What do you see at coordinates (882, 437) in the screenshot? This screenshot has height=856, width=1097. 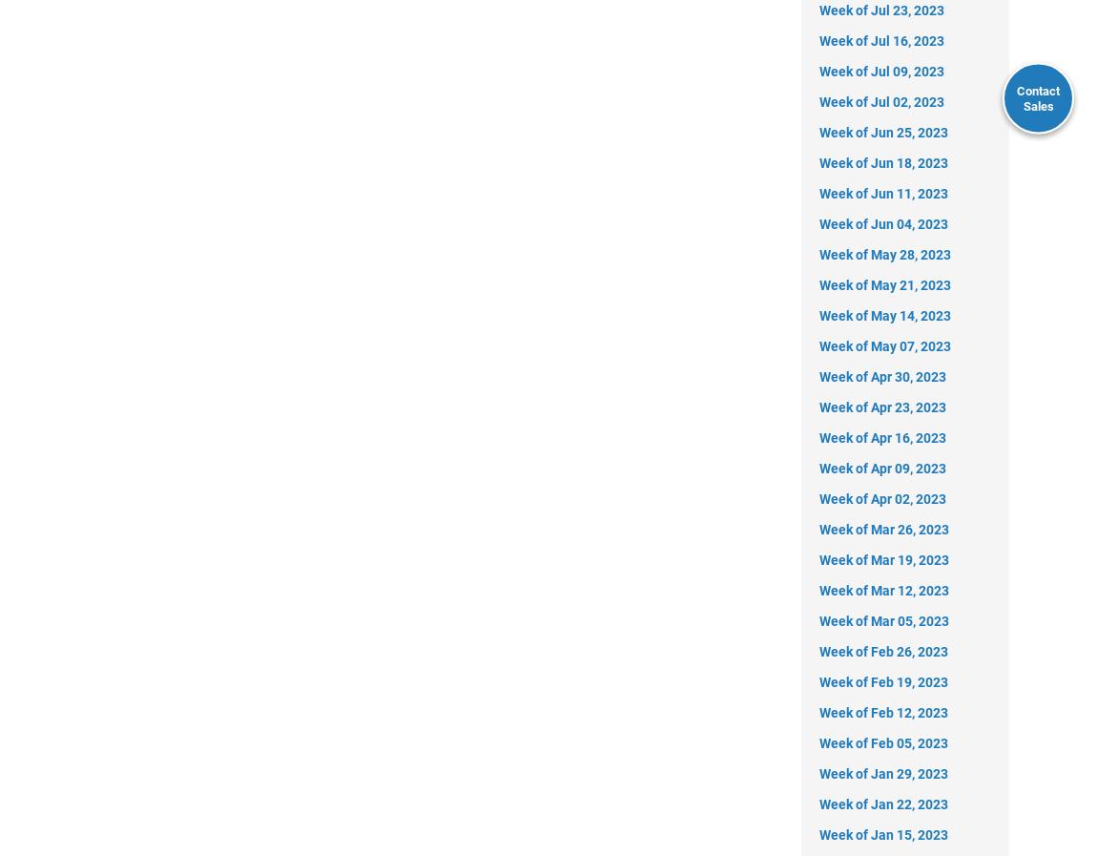 I see `'Week of Apr 16, 2023'` at bounding box center [882, 437].